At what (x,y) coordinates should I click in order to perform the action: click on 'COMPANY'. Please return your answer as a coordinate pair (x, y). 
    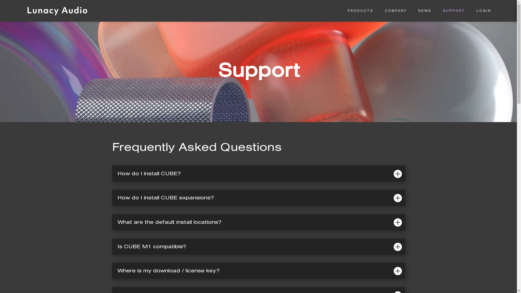
    Looking at the image, I should click on (384, 11).